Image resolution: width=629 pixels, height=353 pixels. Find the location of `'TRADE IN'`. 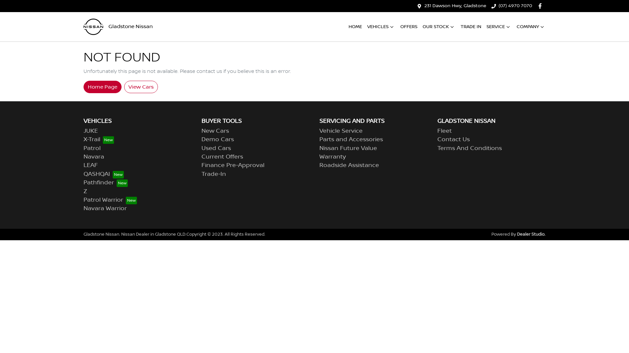

'TRADE IN' is located at coordinates (460, 26).